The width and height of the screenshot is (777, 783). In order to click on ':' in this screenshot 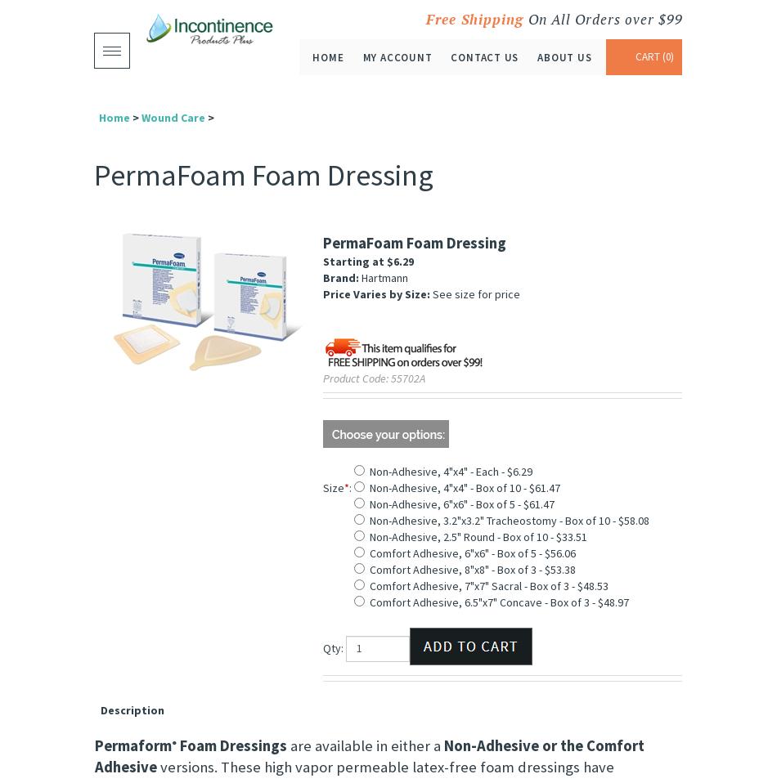, I will do `click(348, 488)`.